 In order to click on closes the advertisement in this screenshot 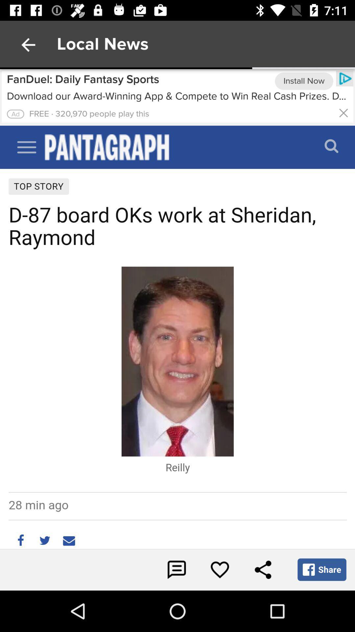, I will do `click(343, 113)`.